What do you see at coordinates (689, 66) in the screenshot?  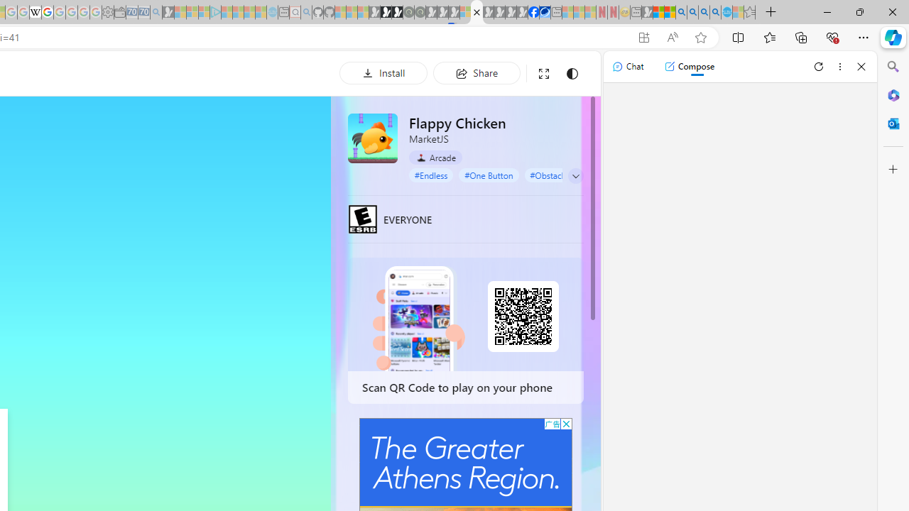 I see `'Compose'` at bounding box center [689, 66].